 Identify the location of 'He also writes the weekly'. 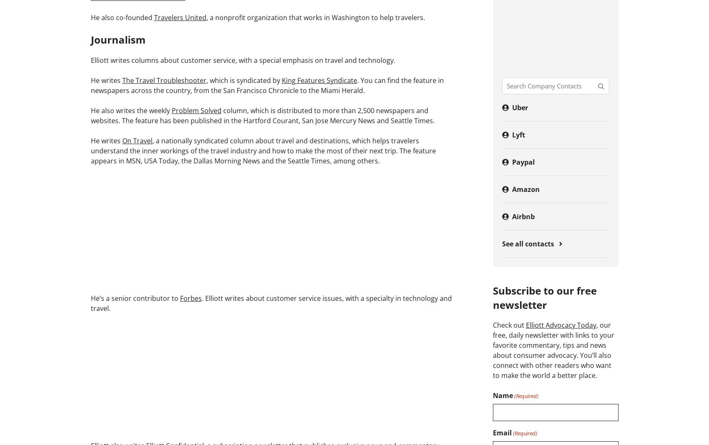
(130, 110).